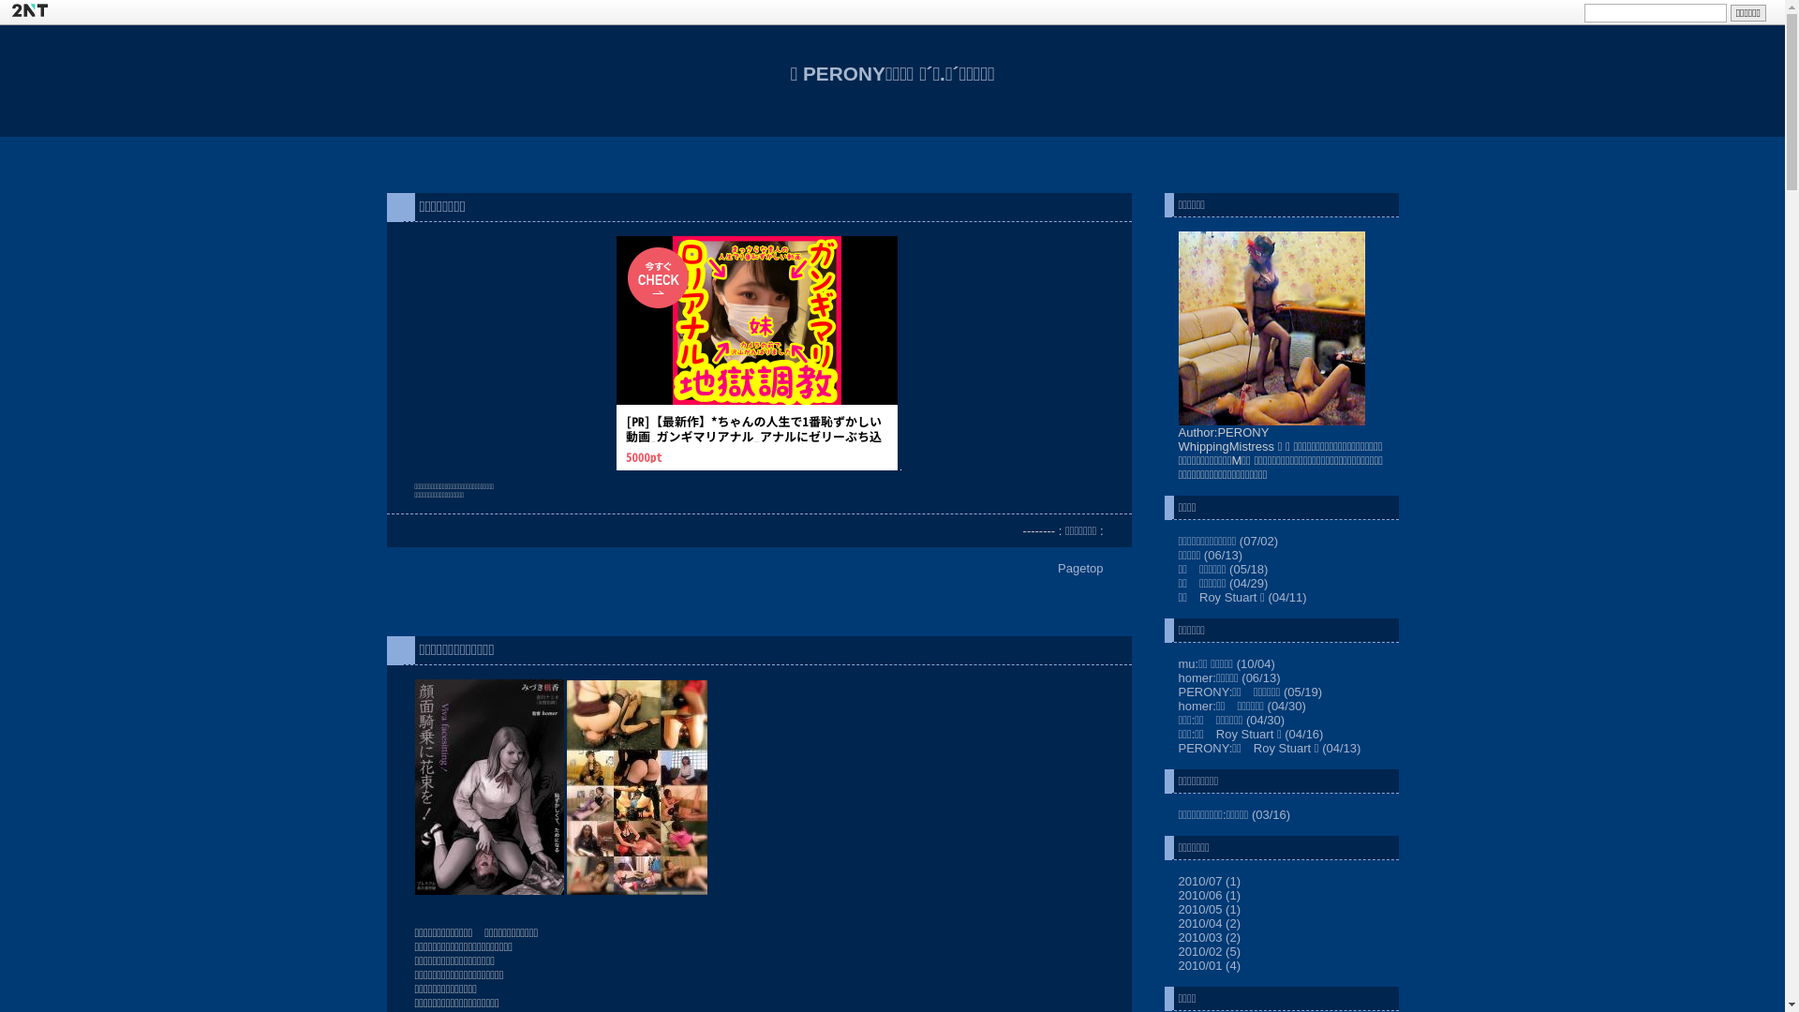 The width and height of the screenshot is (1799, 1012). What do you see at coordinates (1210, 951) in the screenshot?
I see `'2010/02 (5)'` at bounding box center [1210, 951].